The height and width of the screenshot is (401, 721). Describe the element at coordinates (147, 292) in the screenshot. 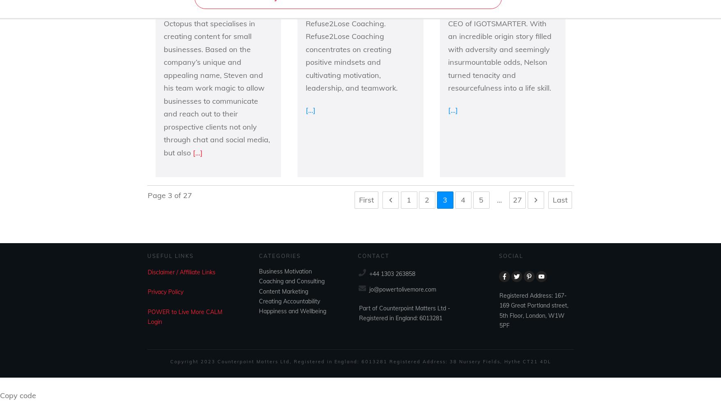

I see `'Privacy Policy'` at that location.